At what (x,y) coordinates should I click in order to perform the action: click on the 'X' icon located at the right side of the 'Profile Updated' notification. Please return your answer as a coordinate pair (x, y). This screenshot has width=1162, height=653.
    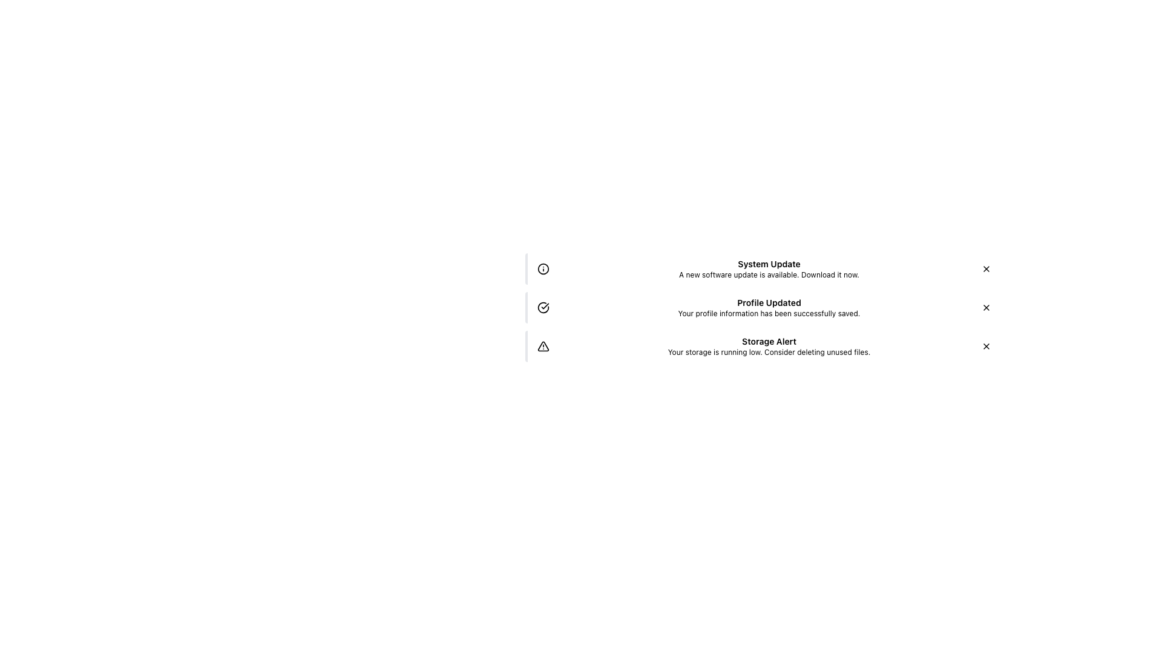
    Looking at the image, I should click on (986, 307).